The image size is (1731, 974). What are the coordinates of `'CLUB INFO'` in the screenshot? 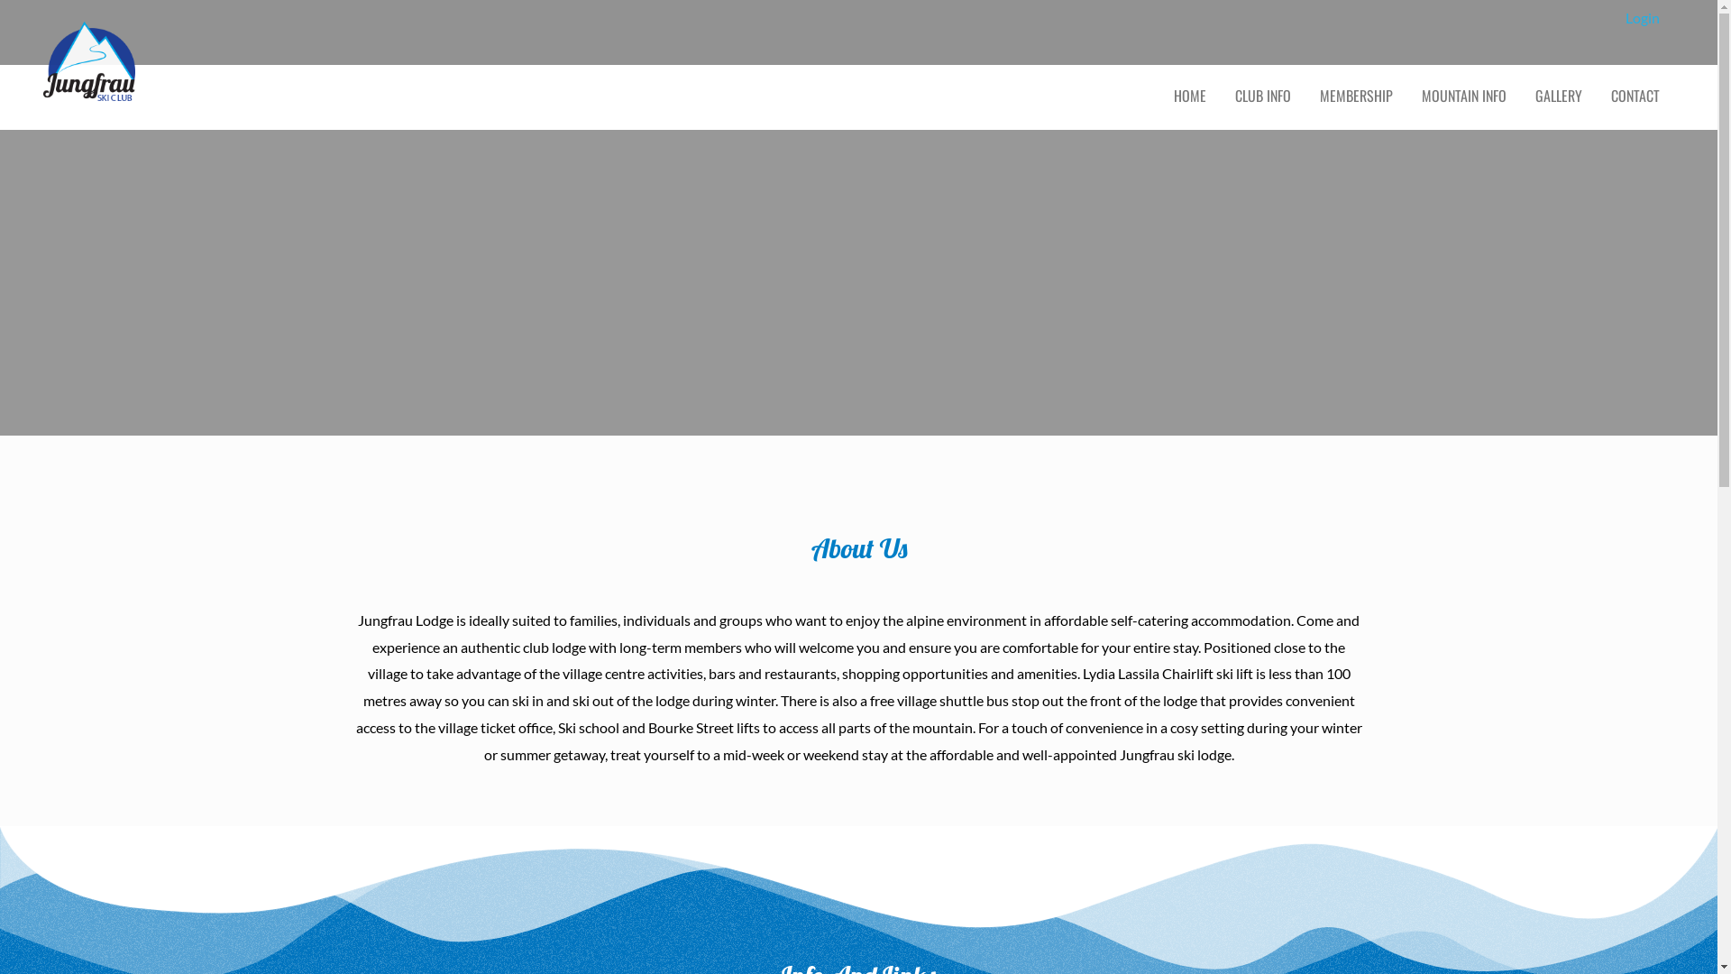 It's located at (1262, 95).